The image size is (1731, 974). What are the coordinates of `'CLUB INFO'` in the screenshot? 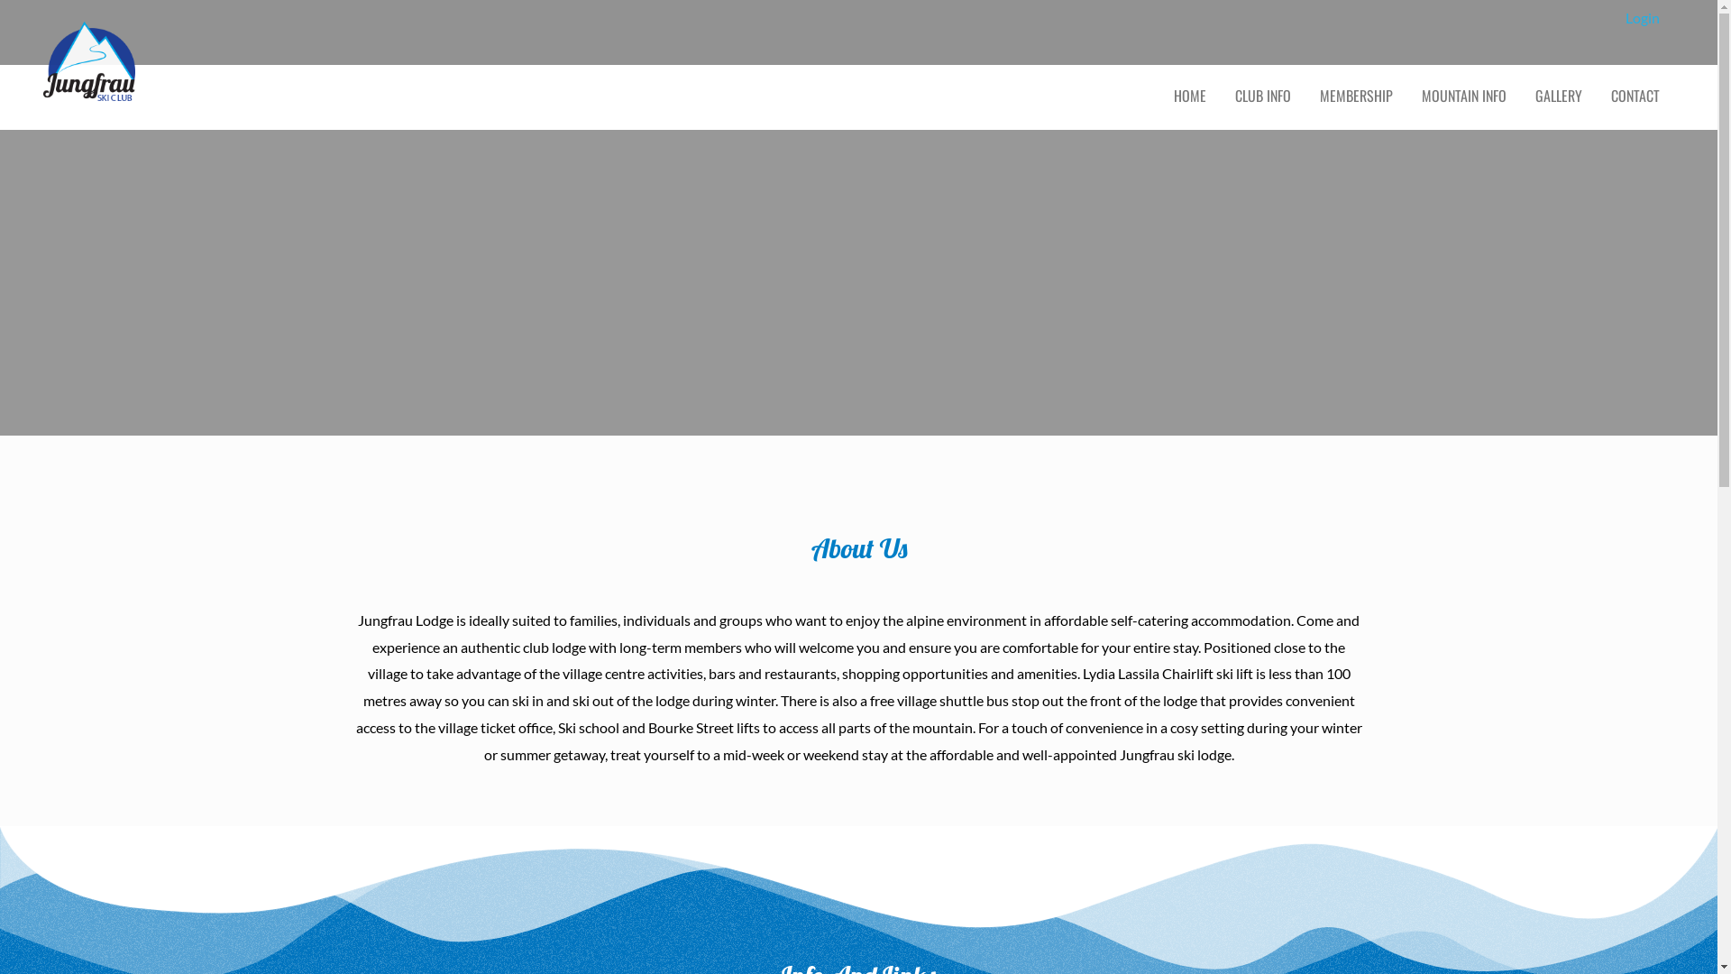 It's located at (1262, 95).